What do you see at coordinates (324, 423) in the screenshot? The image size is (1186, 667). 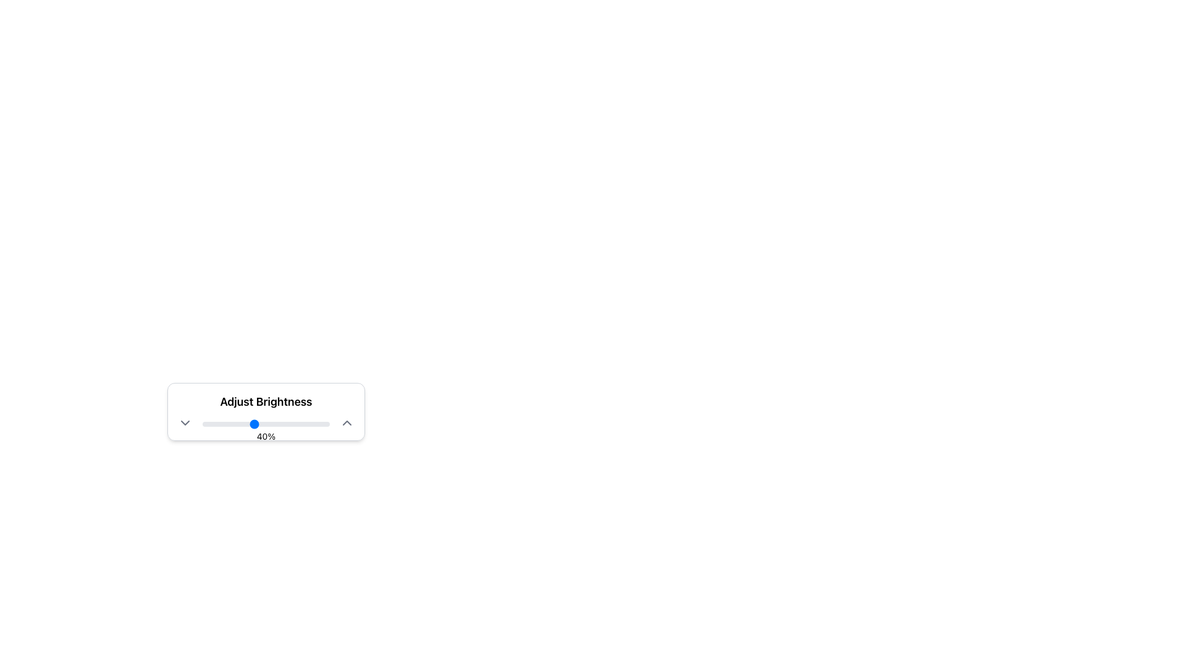 I see `the brightness level` at bounding box center [324, 423].